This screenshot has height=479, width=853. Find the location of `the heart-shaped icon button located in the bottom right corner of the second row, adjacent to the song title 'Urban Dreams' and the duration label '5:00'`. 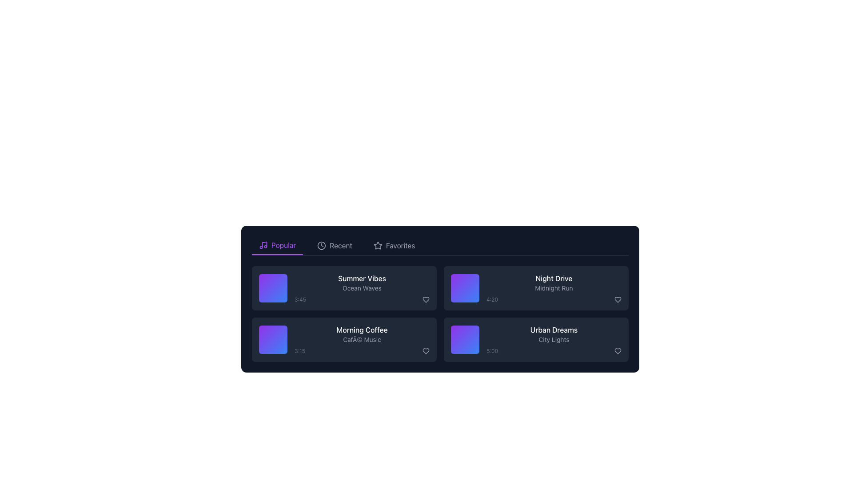

the heart-shaped icon button located in the bottom right corner of the second row, adjacent to the song title 'Urban Dreams' and the duration label '5:00' is located at coordinates (618, 350).